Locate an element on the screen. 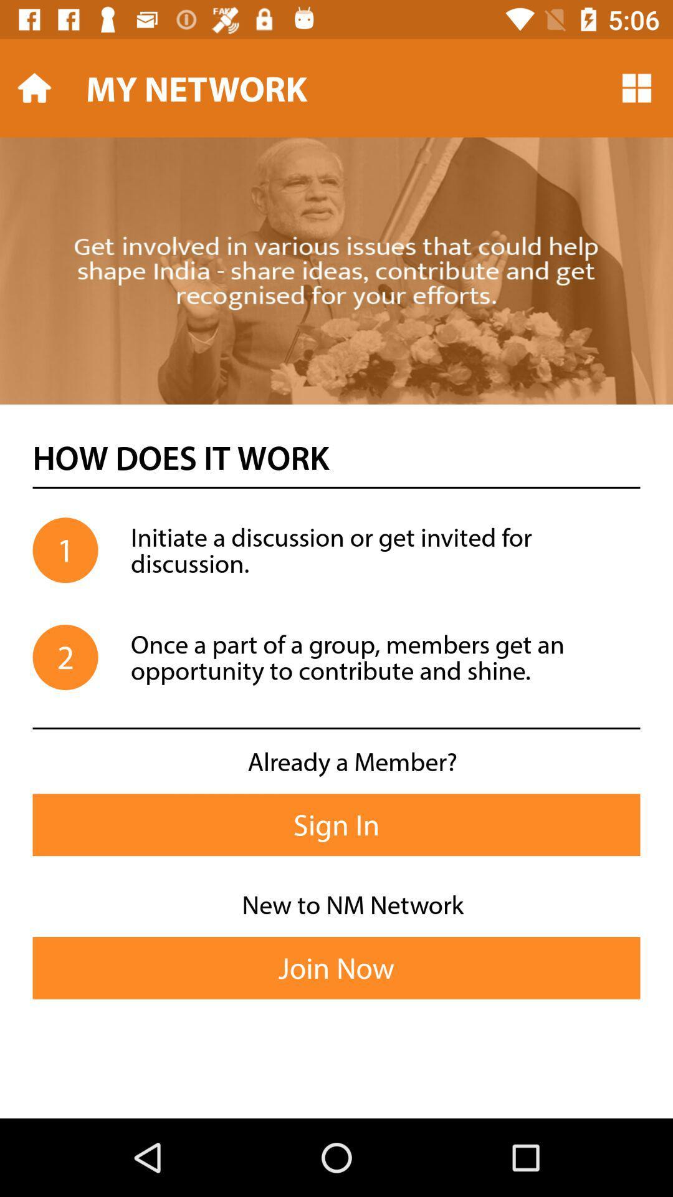 This screenshot has height=1197, width=673. the sign in item is located at coordinates (336, 825).